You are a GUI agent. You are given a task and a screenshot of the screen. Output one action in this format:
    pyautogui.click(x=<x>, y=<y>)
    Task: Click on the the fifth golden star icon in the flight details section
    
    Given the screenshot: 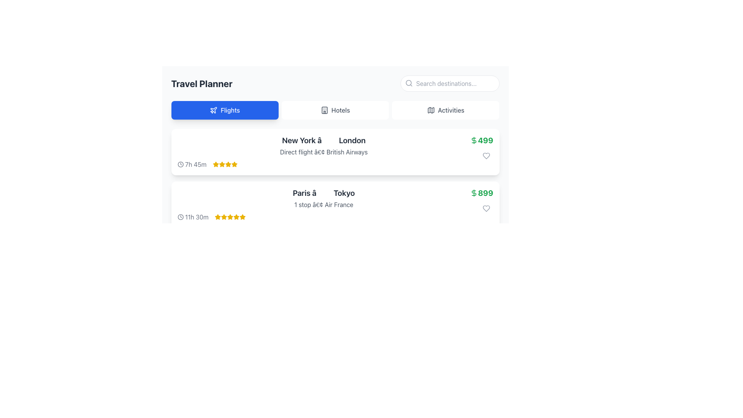 What is the action you would take?
    pyautogui.click(x=234, y=164)
    